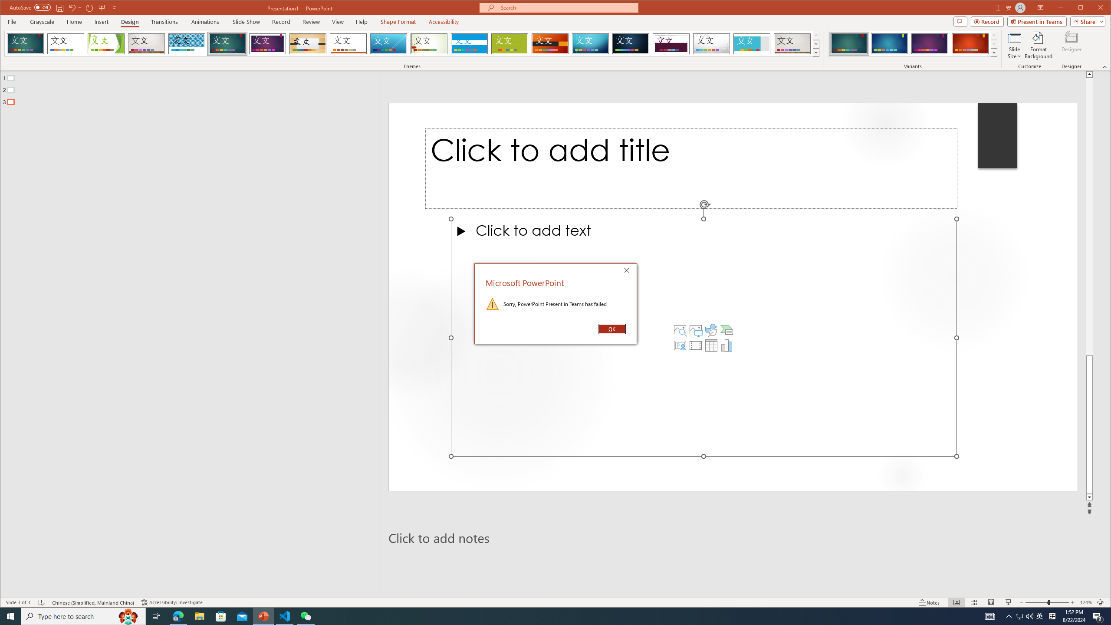 Image resolution: width=1111 pixels, height=625 pixels. Describe the element at coordinates (727, 329) in the screenshot. I see `'Insert a SmartArt Graphic'` at that location.